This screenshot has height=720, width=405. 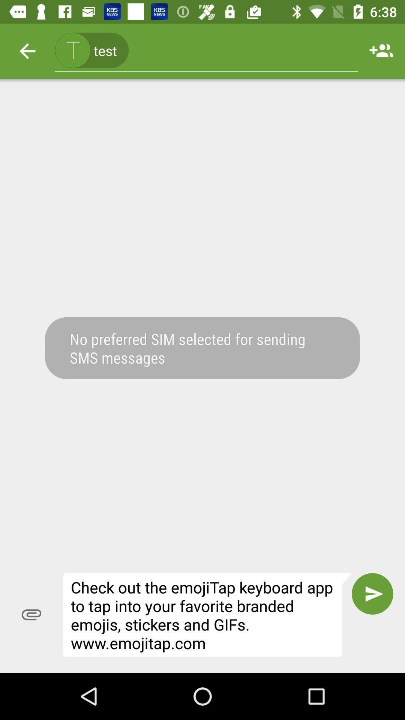 What do you see at coordinates (27, 51) in the screenshot?
I see `the icon next to the (415) 123-4567,  item` at bounding box center [27, 51].